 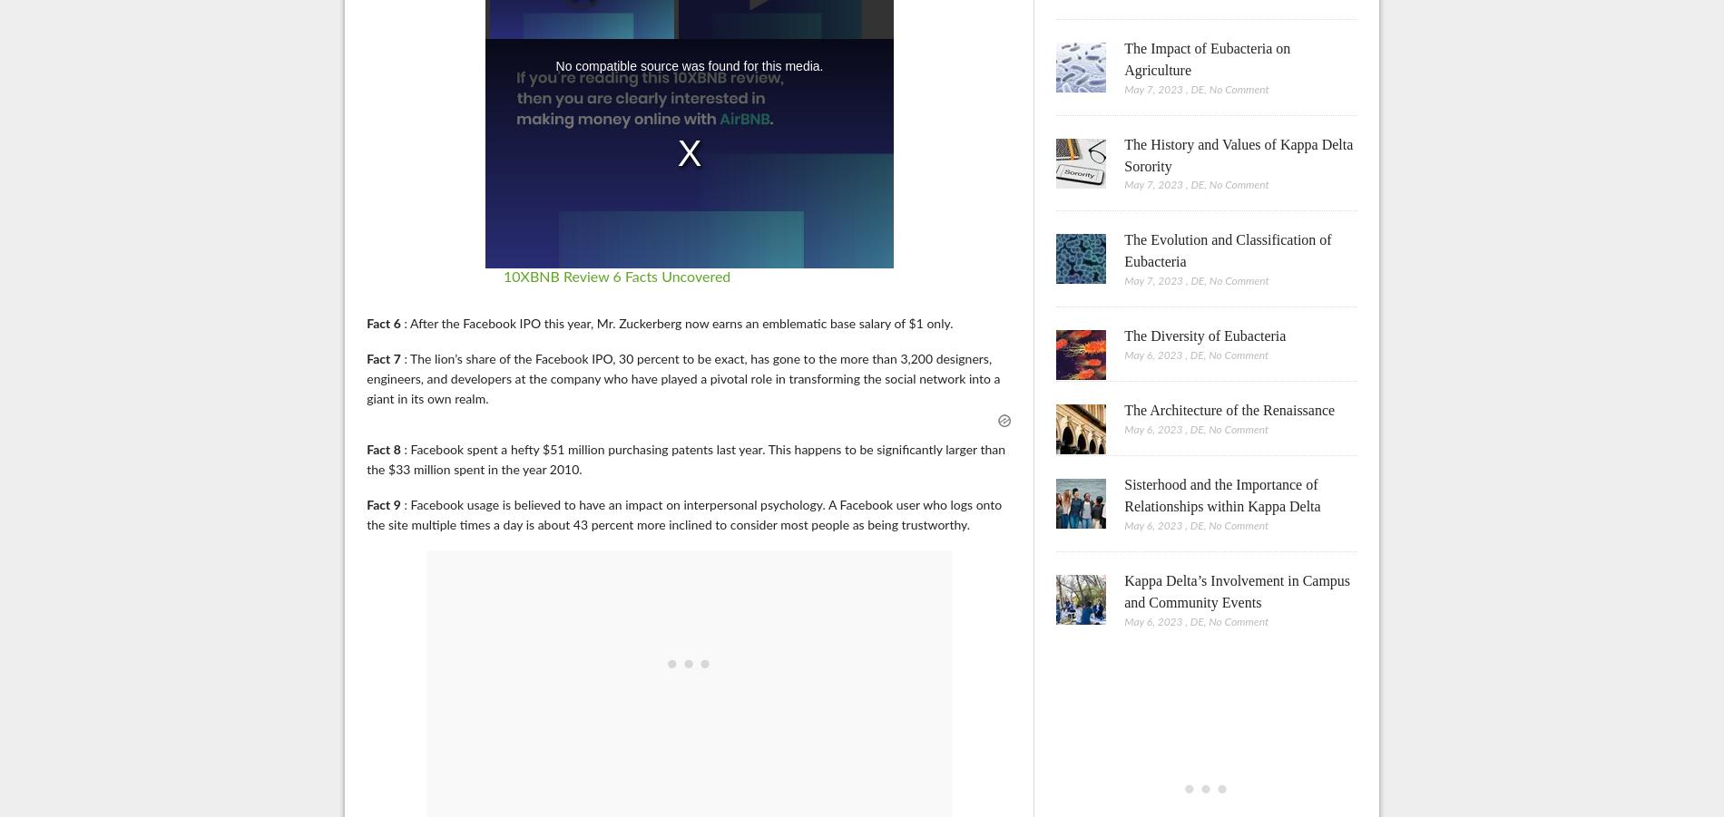 I want to click on 'The Diversity of Eubacteria', so click(x=1203, y=335).